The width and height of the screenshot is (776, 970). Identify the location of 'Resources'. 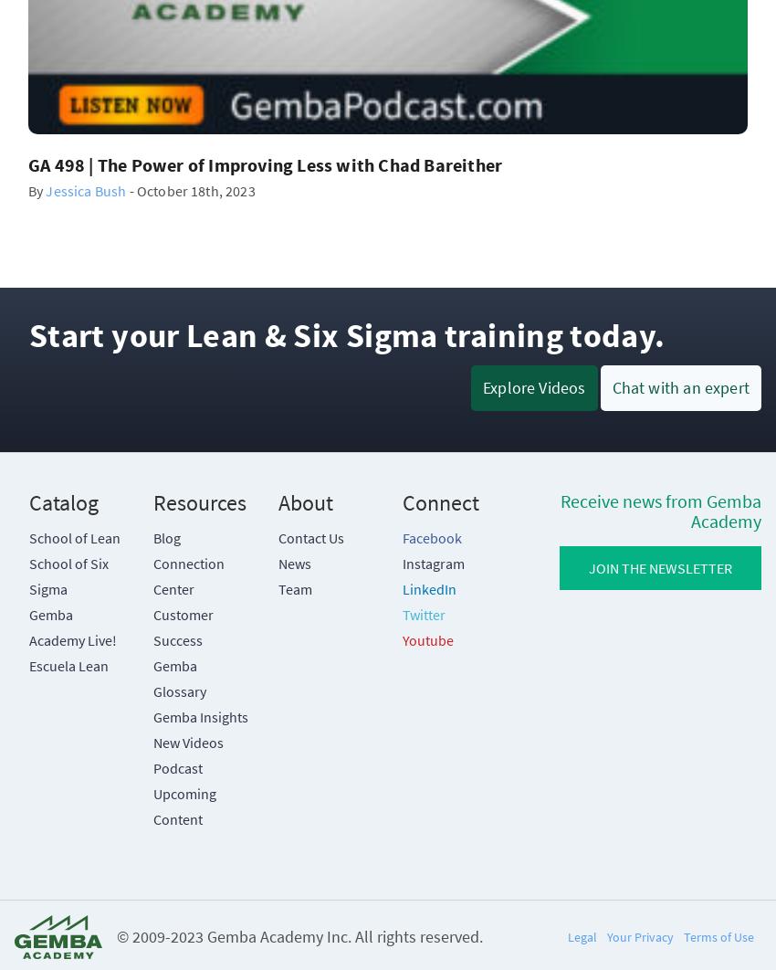
(199, 502).